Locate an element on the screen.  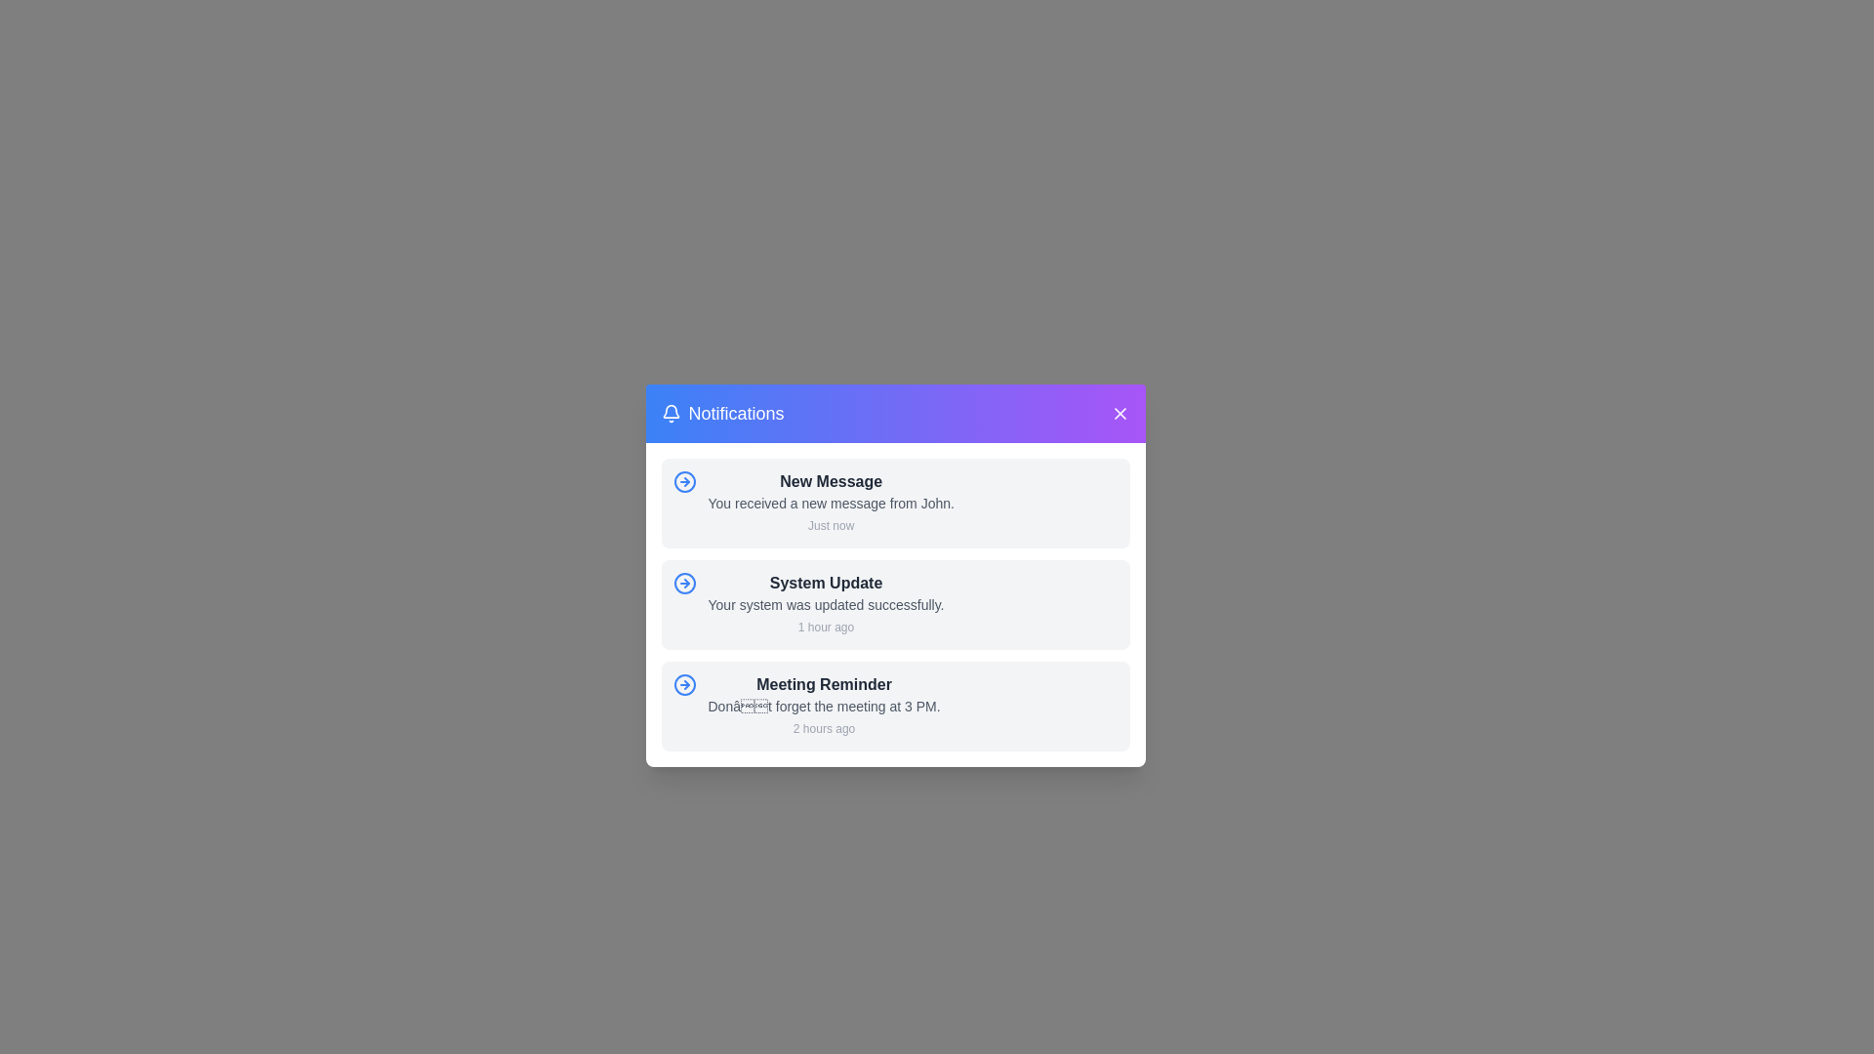
the close button icon (SVG Close Icon) located is located at coordinates (1120, 413).